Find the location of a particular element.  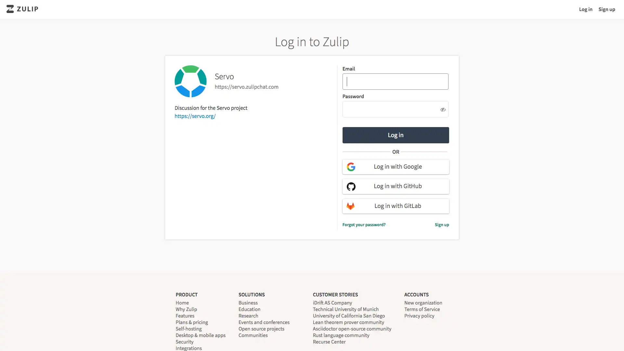

Log in with GitHub is located at coordinates (395, 186).